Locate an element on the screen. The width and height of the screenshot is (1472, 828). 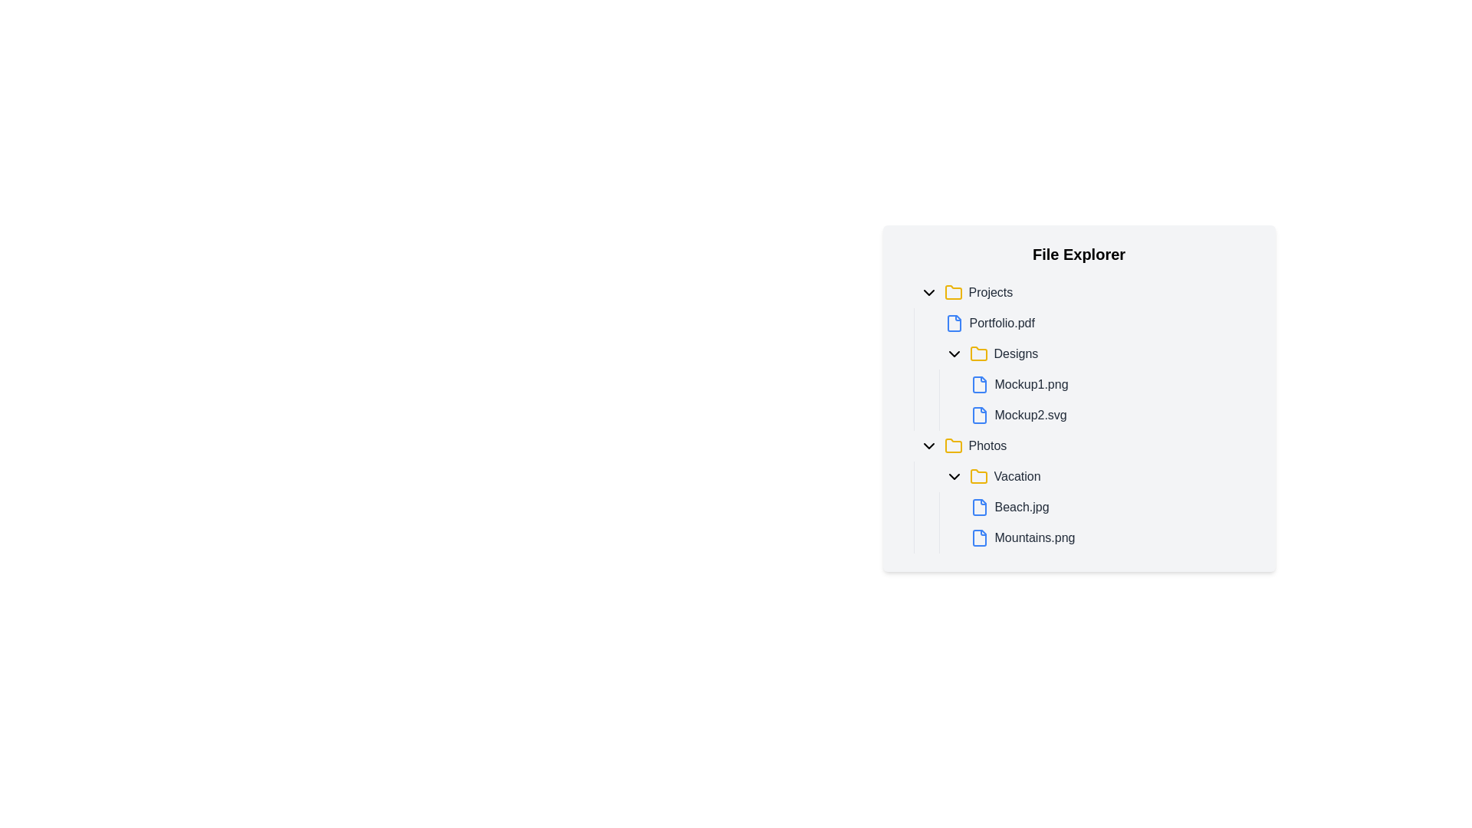
the 'Photos' text label in the file explorer, which is styled in gray font and located between the 'Designs' and 'Vacation' folders is located at coordinates (987, 446).